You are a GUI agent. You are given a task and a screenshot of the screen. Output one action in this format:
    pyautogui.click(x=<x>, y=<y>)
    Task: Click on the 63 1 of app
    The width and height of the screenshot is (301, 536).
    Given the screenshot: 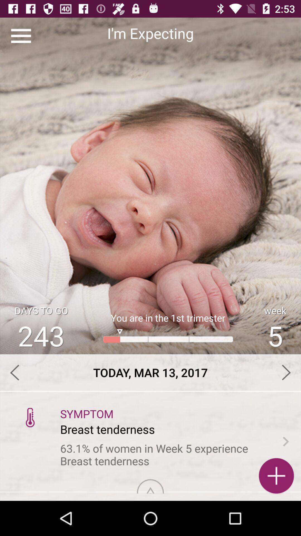 What is the action you would take?
    pyautogui.click(x=165, y=455)
    